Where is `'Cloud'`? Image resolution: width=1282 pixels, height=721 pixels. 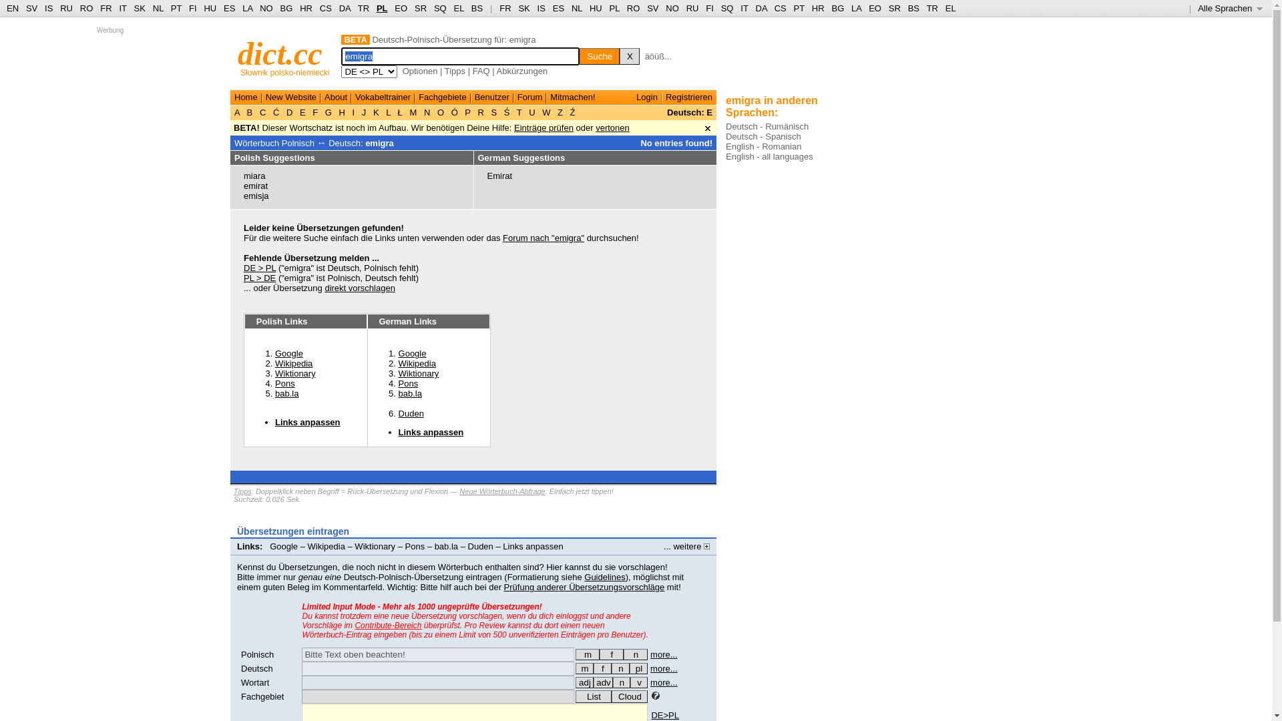 'Cloud' is located at coordinates (628, 696).